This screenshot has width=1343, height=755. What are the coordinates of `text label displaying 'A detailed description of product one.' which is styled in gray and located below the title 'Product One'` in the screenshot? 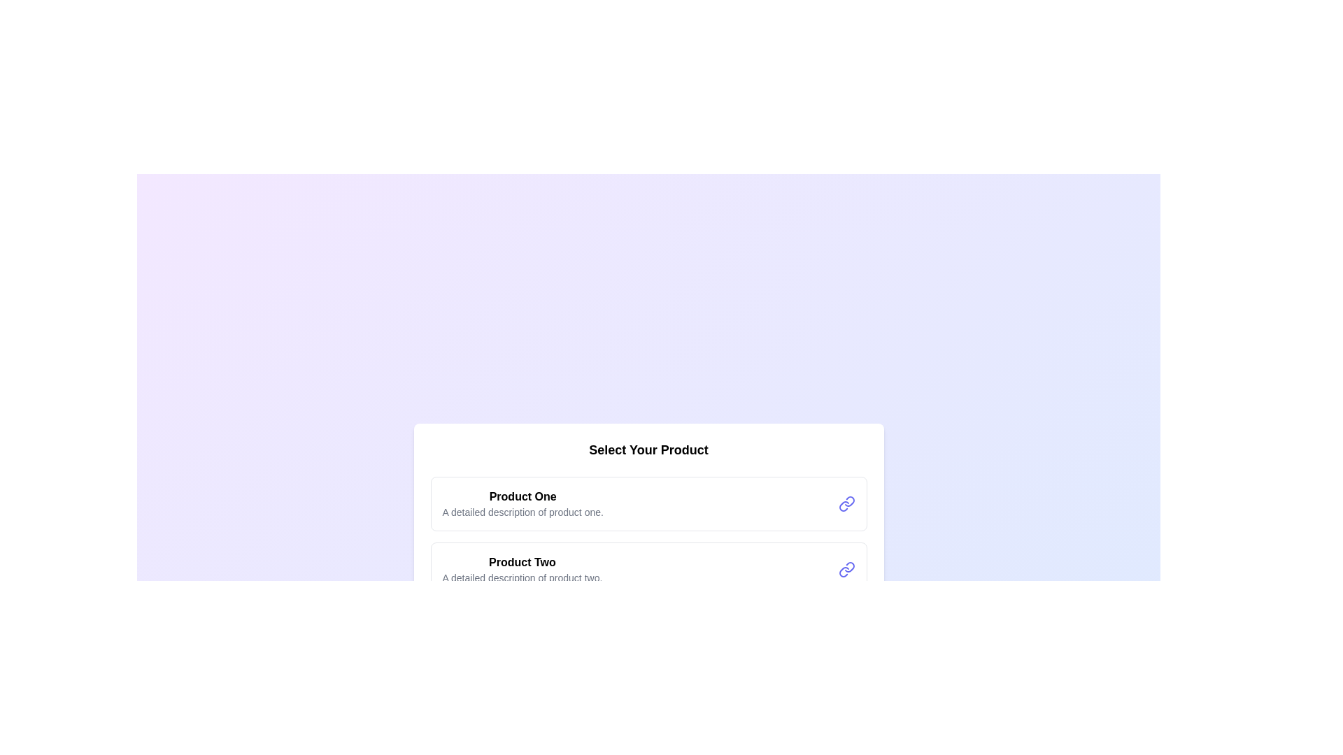 It's located at (522, 512).